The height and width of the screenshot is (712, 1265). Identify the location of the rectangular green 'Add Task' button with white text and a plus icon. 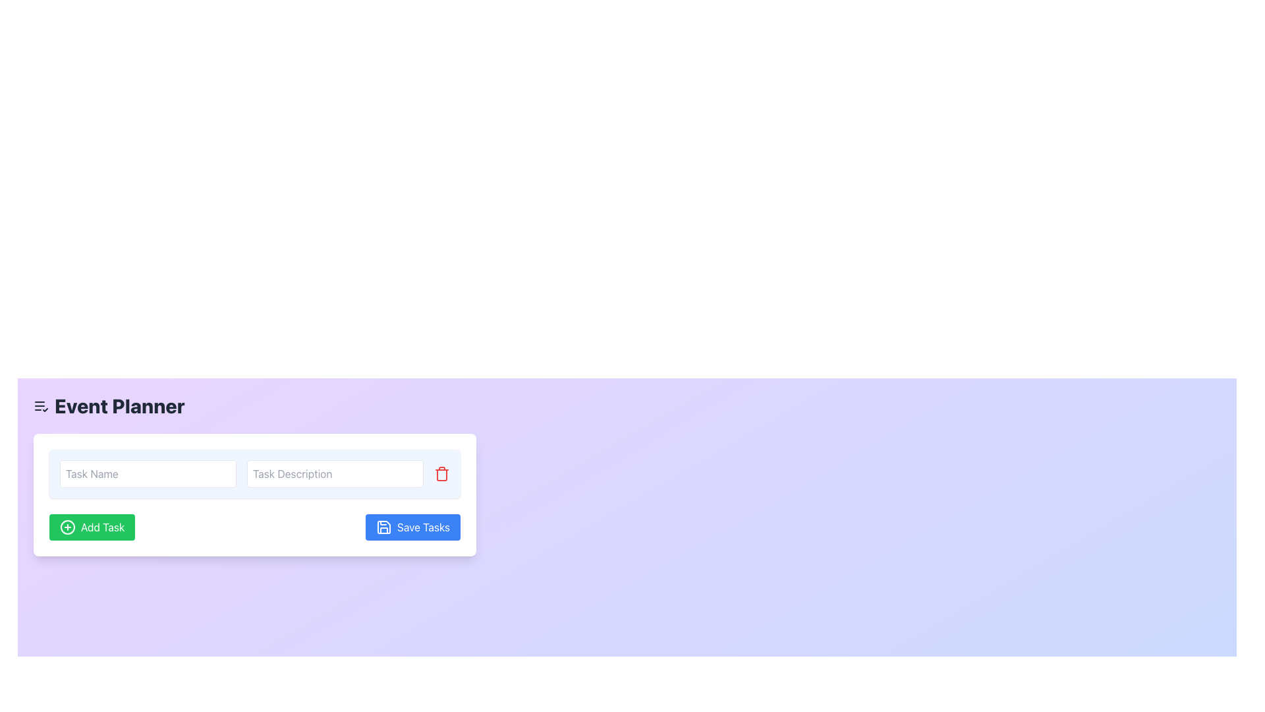
(92, 526).